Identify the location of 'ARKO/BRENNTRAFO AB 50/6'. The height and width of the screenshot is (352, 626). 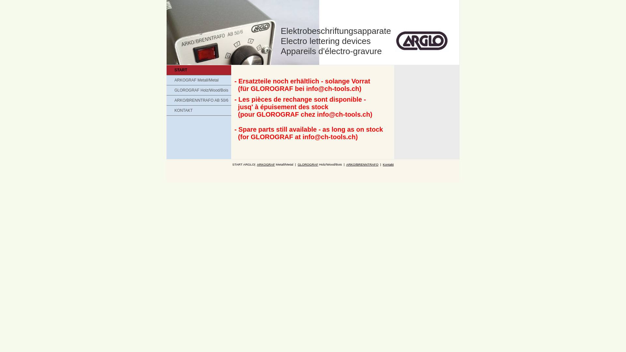
(166, 100).